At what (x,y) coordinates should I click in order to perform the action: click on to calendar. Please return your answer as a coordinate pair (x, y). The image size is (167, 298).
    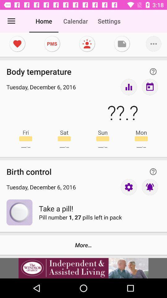
    Looking at the image, I should click on (149, 87).